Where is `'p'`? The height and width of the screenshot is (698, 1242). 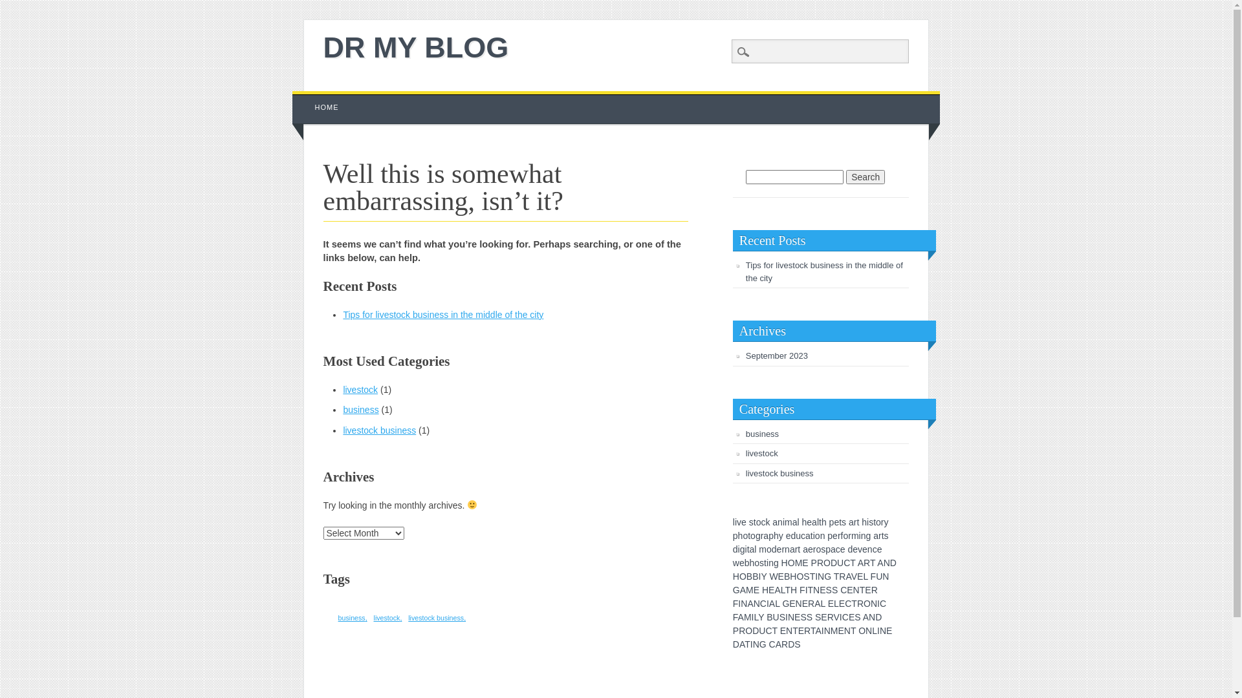 'p' is located at coordinates (829, 536).